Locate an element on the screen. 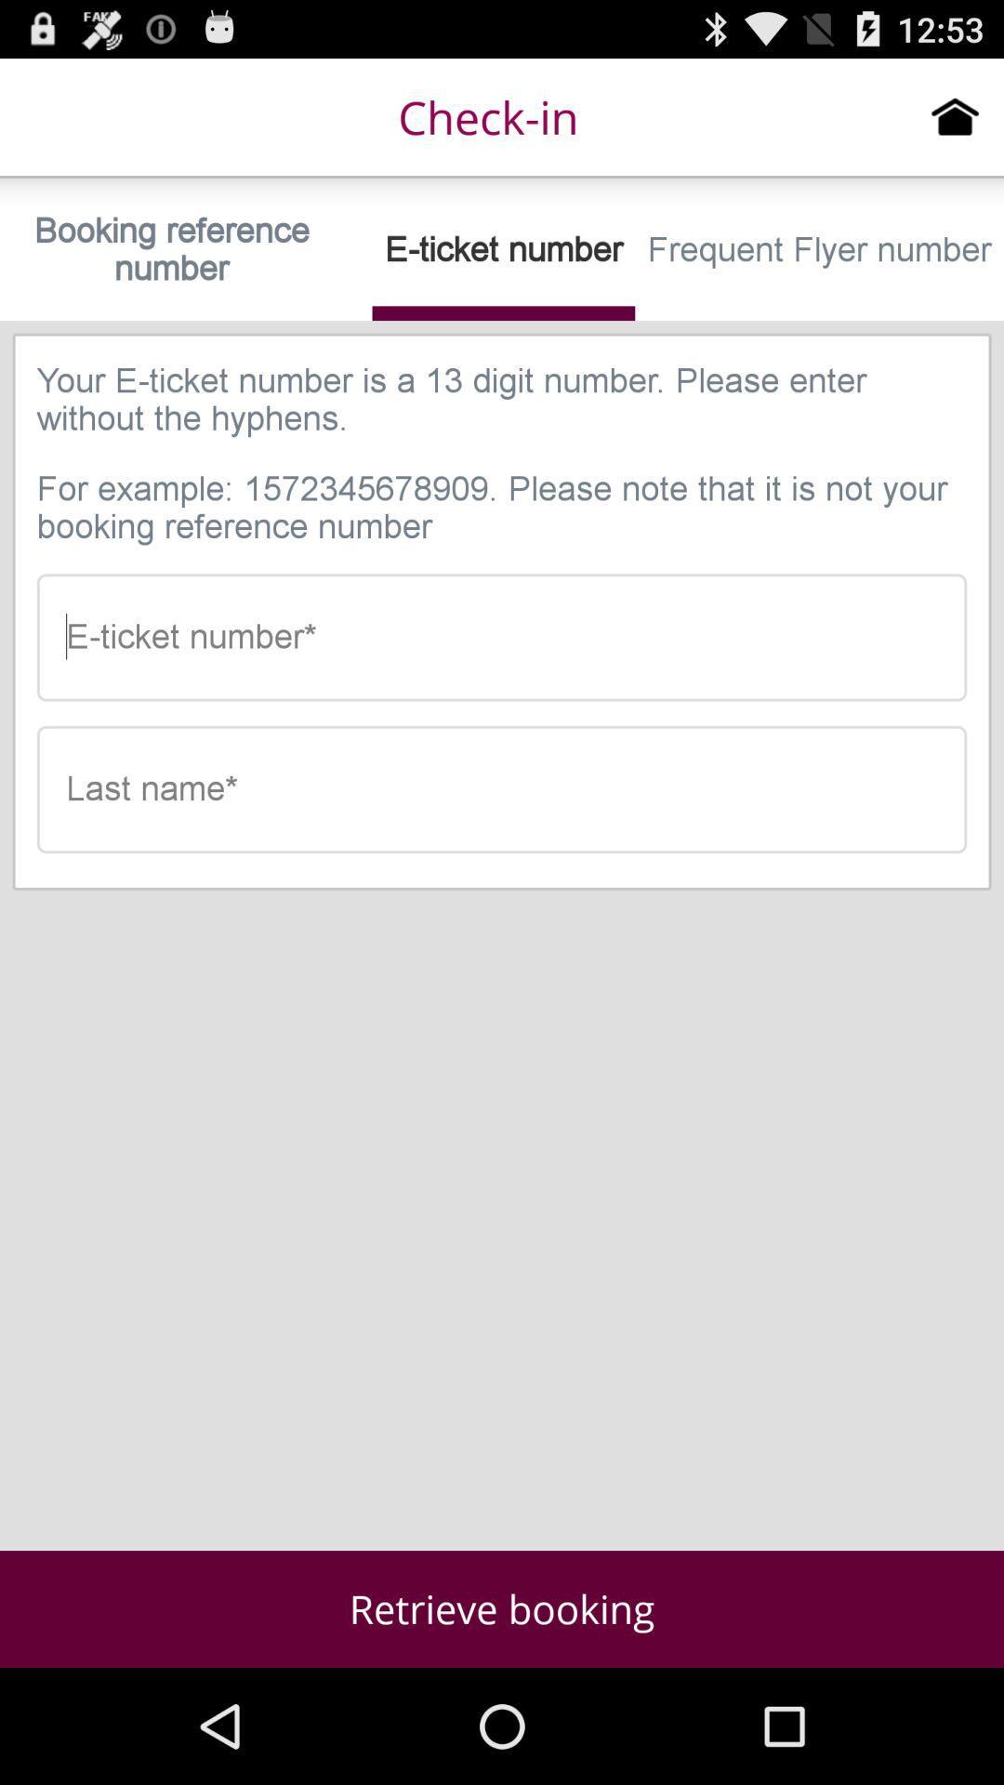 This screenshot has height=1785, width=1004. the icon to the right of e-ticket number icon is located at coordinates (818, 248).